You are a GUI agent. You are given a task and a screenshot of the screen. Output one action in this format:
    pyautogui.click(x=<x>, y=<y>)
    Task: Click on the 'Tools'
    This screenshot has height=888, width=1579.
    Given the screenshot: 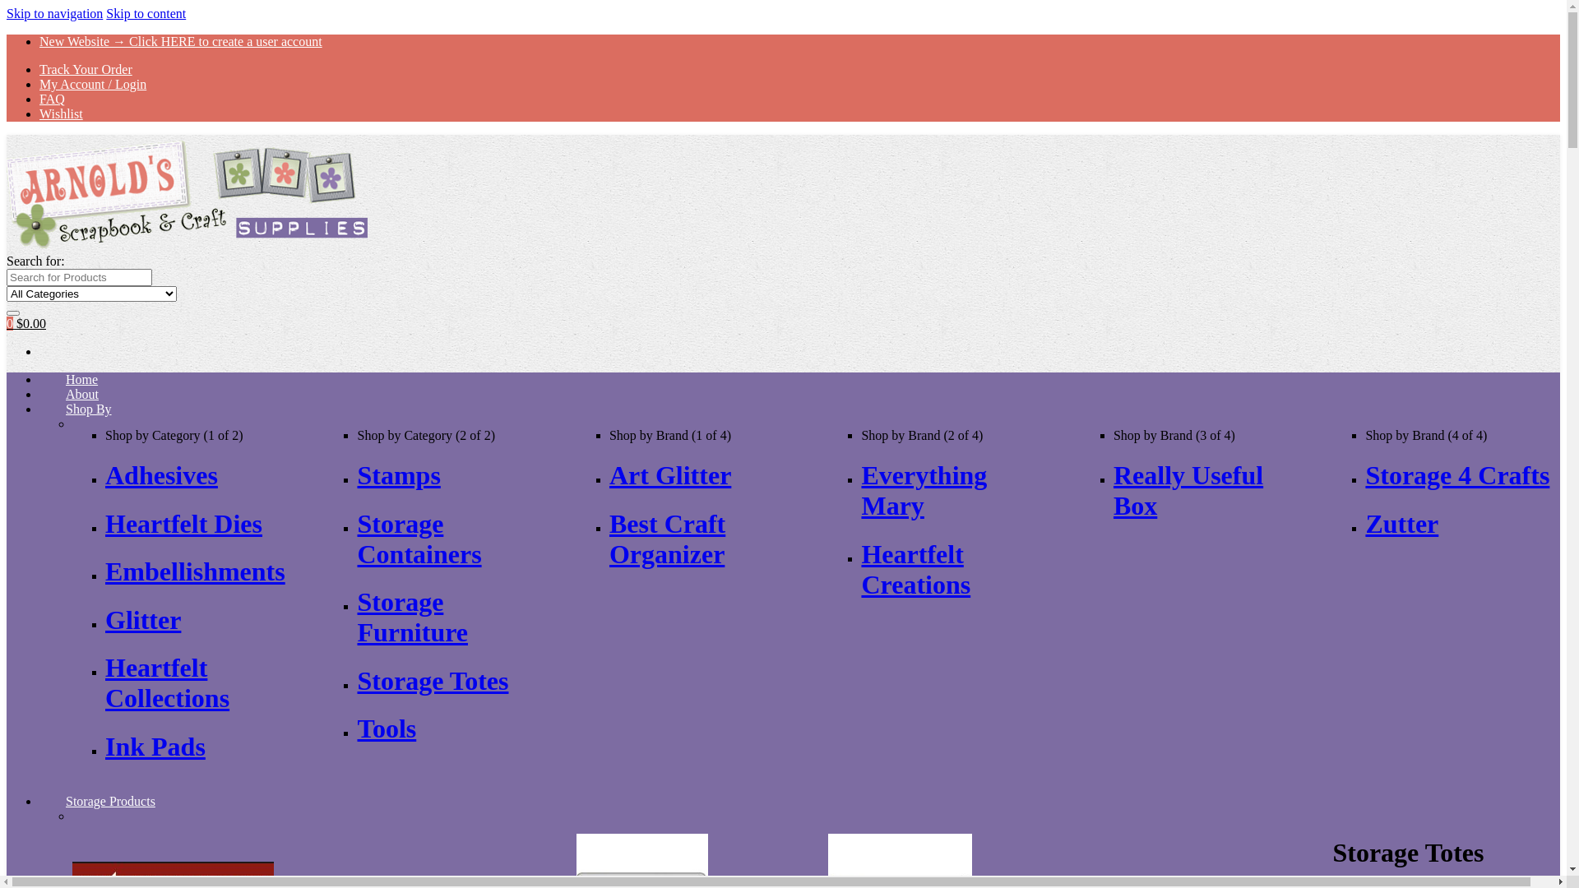 What is the action you would take?
    pyautogui.click(x=386, y=728)
    